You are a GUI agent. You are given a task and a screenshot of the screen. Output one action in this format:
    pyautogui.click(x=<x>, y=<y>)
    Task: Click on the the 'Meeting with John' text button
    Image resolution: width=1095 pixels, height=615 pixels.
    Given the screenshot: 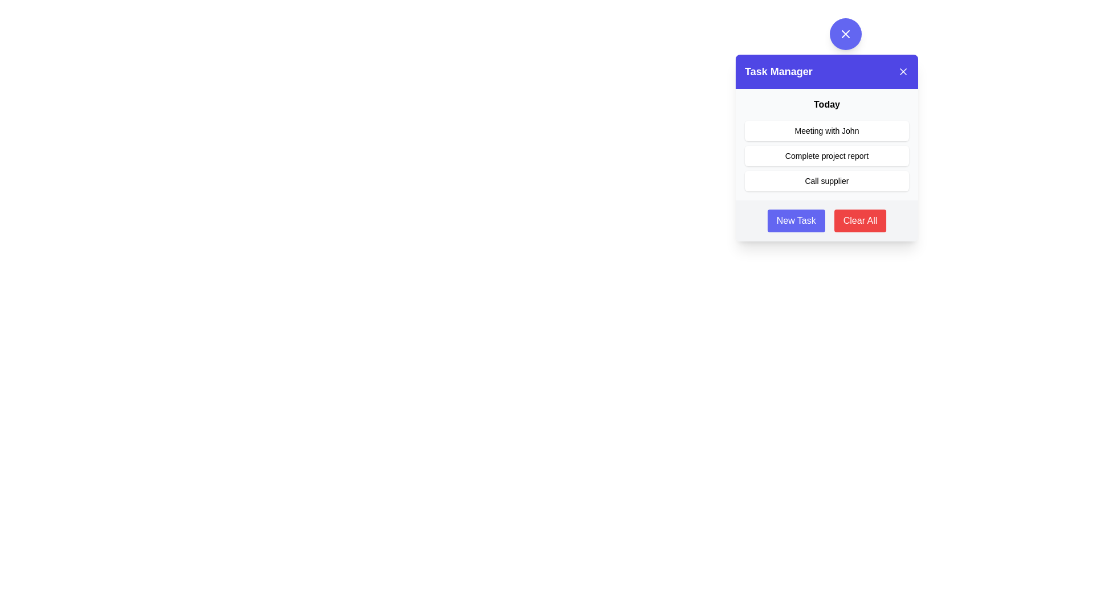 What is the action you would take?
    pyautogui.click(x=826, y=130)
    